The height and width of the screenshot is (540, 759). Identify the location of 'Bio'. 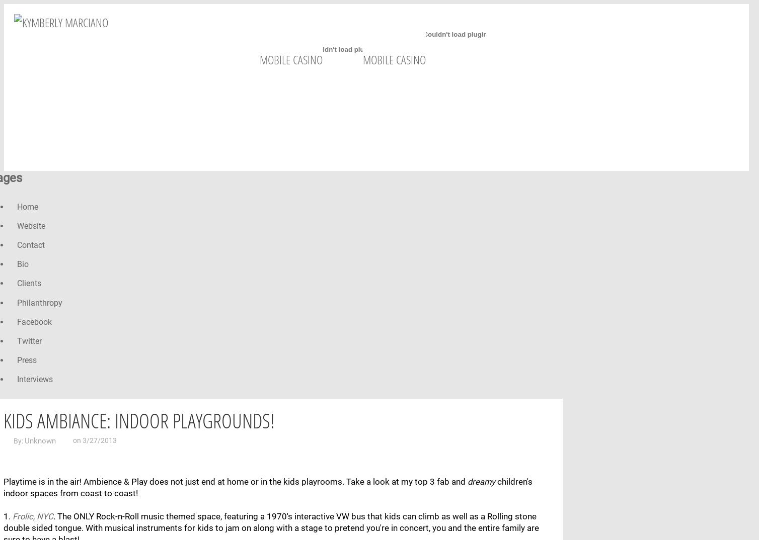
(17, 264).